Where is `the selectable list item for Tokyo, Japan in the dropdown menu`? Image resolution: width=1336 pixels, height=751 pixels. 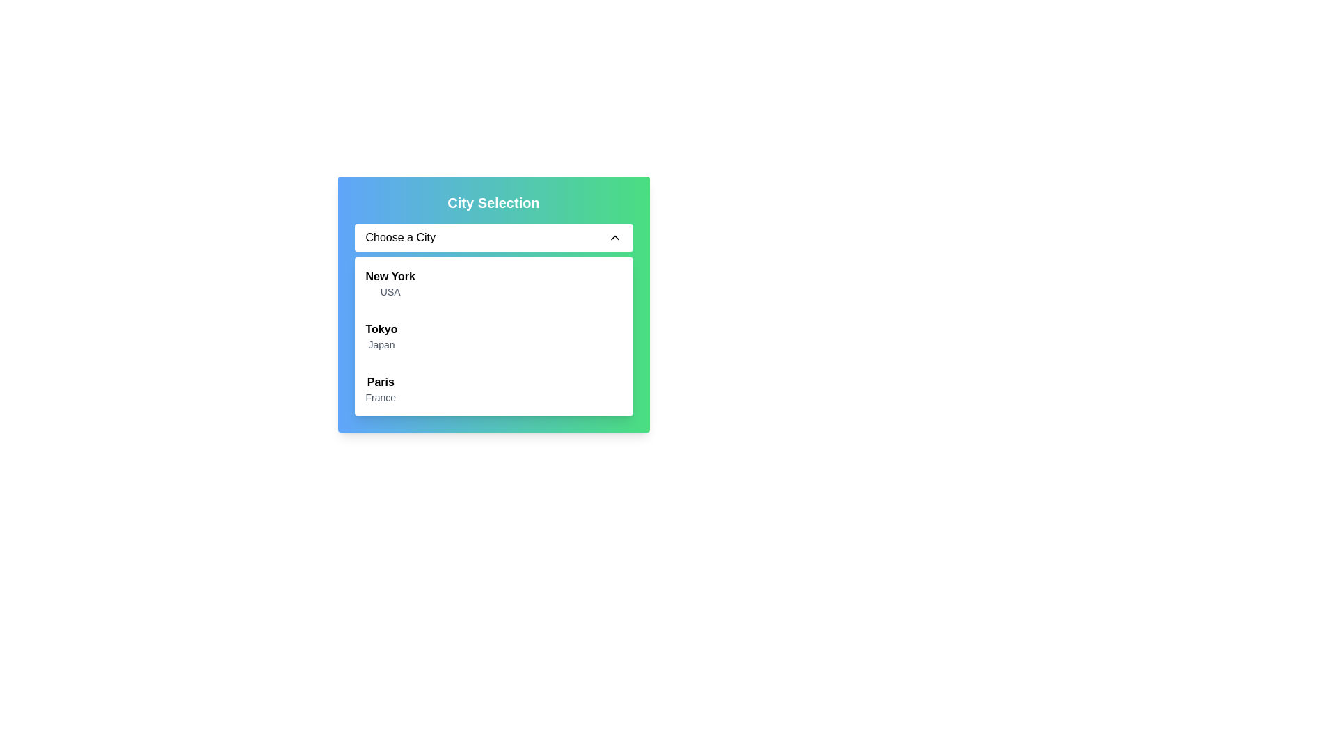
the selectable list item for Tokyo, Japan in the dropdown menu is located at coordinates (381, 336).